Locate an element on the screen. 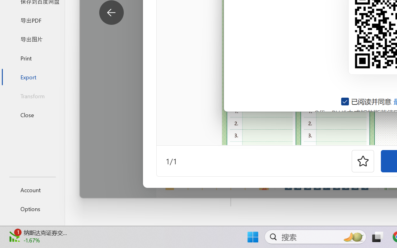 The image size is (397, 248). 'Account' is located at coordinates (32, 190).